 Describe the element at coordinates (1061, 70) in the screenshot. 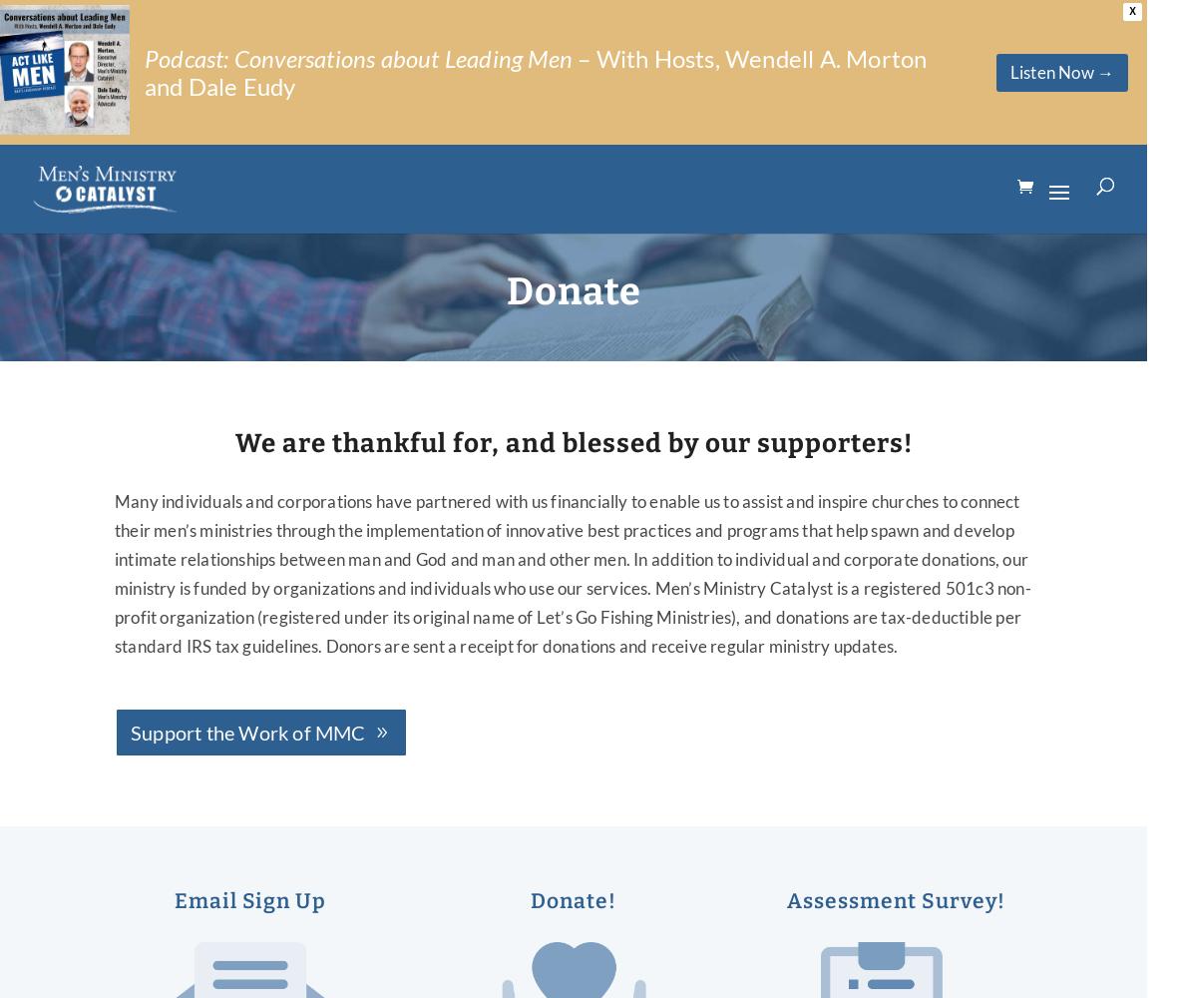

I see `'Listen Now →'` at that location.